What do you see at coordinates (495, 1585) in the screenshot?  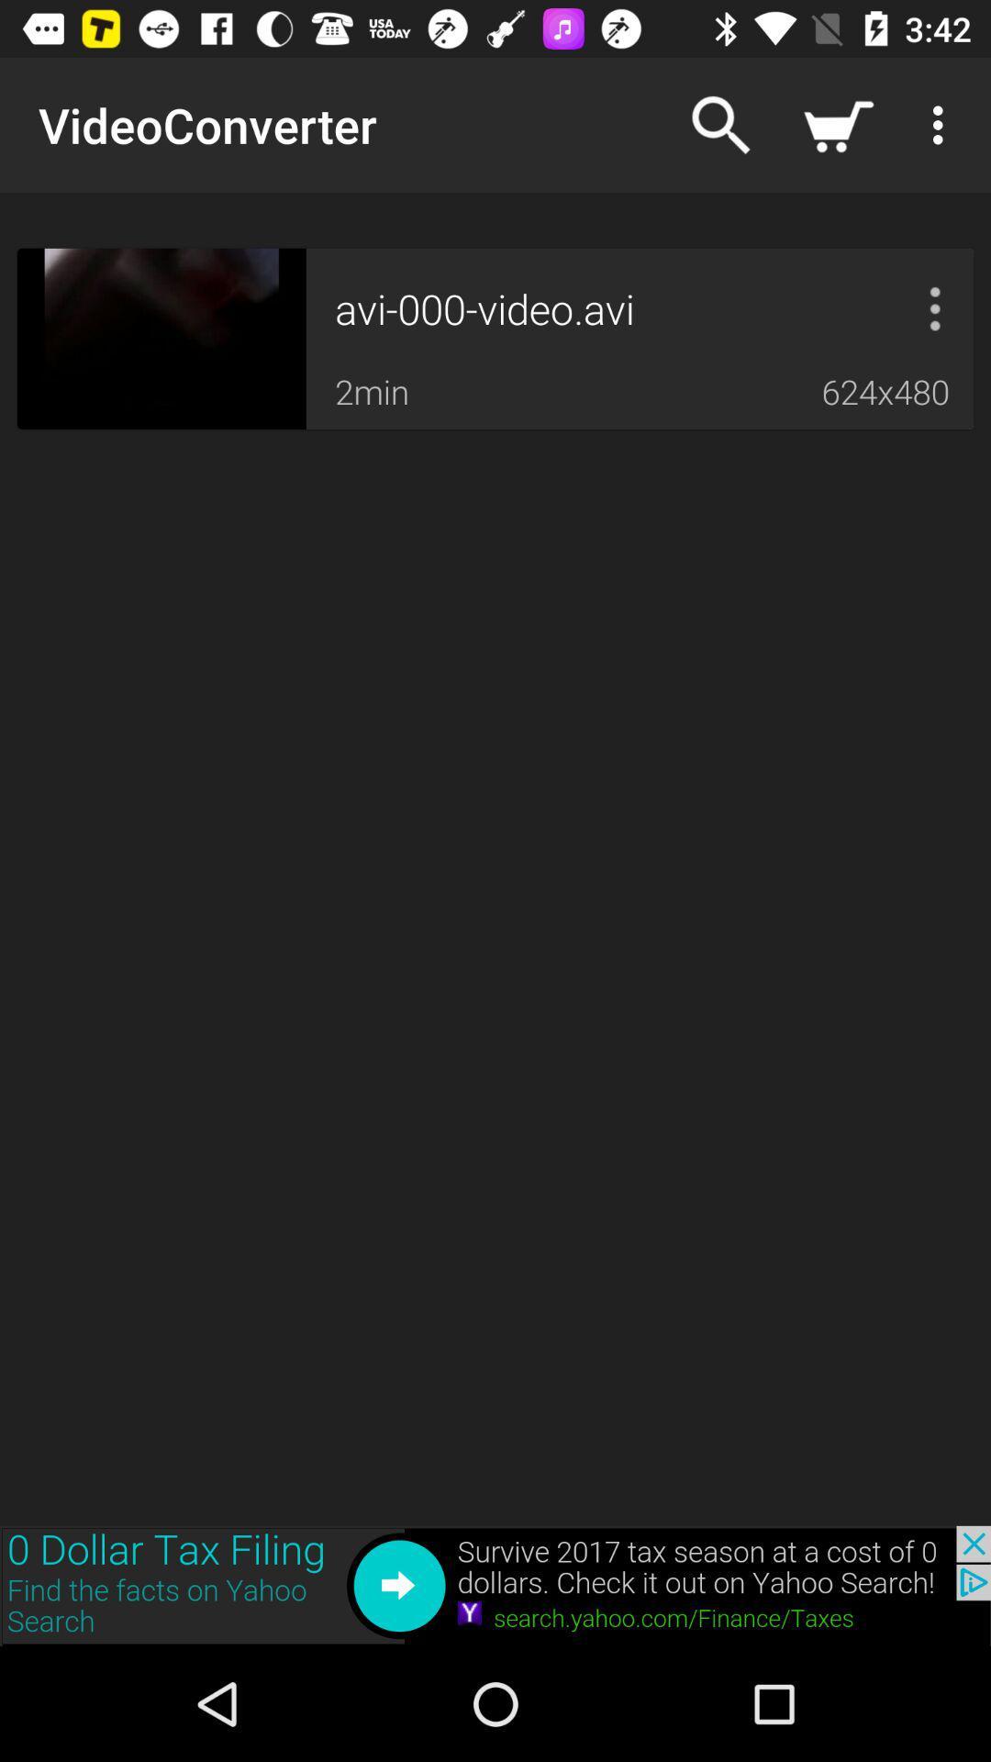 I see `the advertisement` at bounding box center [495, 1585].